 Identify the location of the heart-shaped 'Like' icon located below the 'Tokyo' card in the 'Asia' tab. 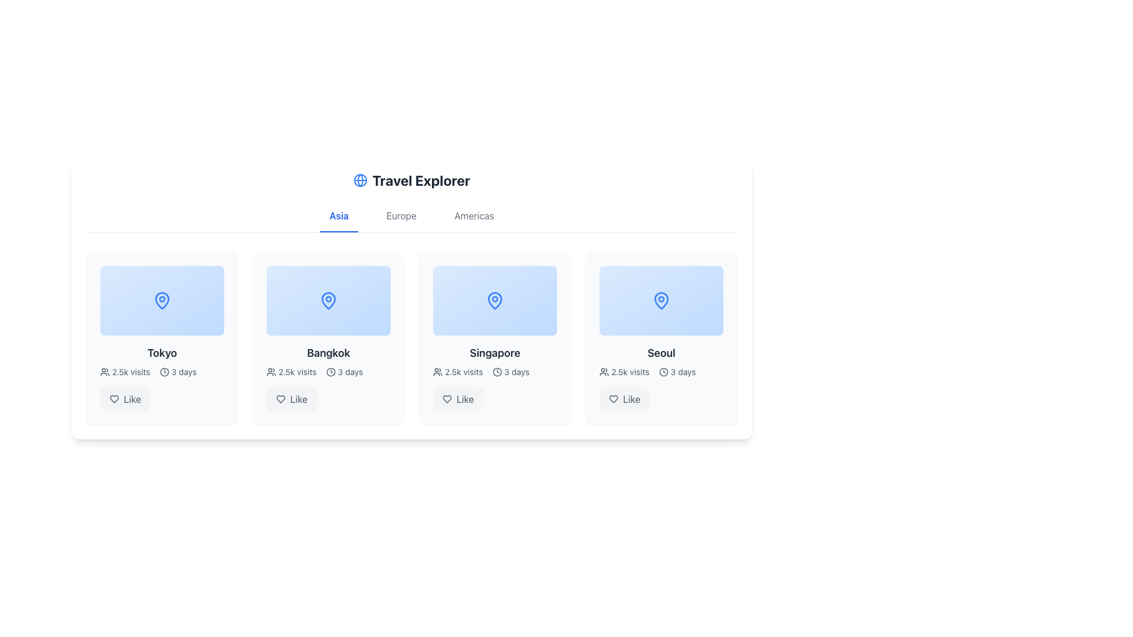
(114, 399).